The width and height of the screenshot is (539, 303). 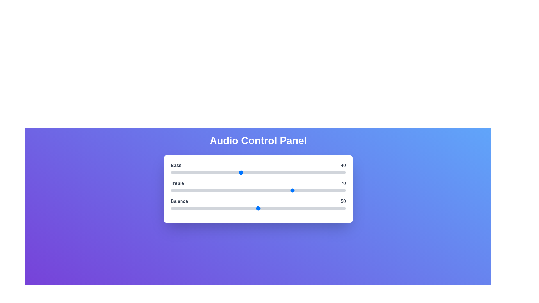 I want to click on the 1 slider to 65, so click(x=284, y=190).